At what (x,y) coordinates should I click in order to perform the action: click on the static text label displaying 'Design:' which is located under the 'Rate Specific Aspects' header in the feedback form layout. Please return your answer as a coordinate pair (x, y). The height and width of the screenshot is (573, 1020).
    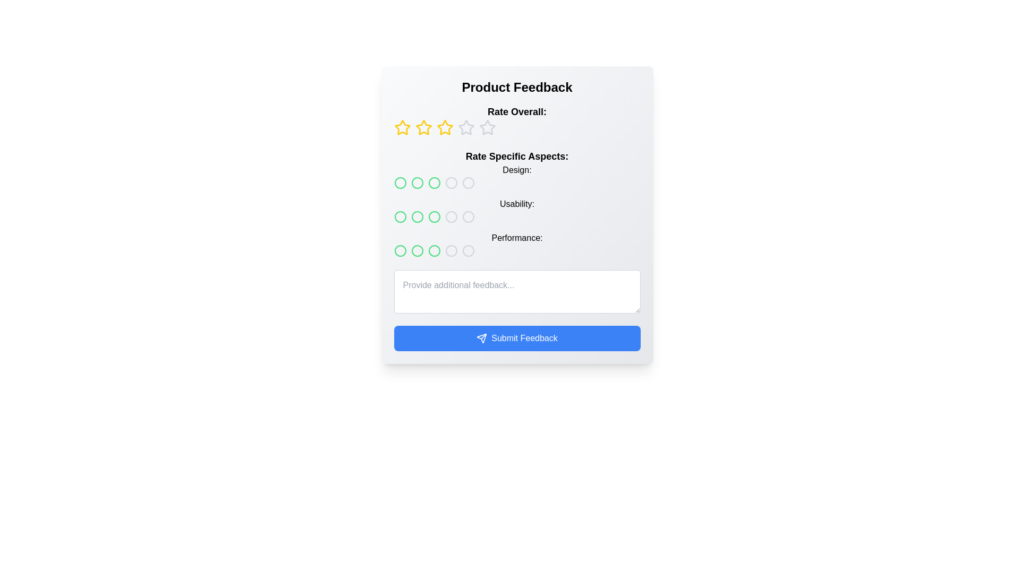
    Looking at the image, I should click on (517, 169).